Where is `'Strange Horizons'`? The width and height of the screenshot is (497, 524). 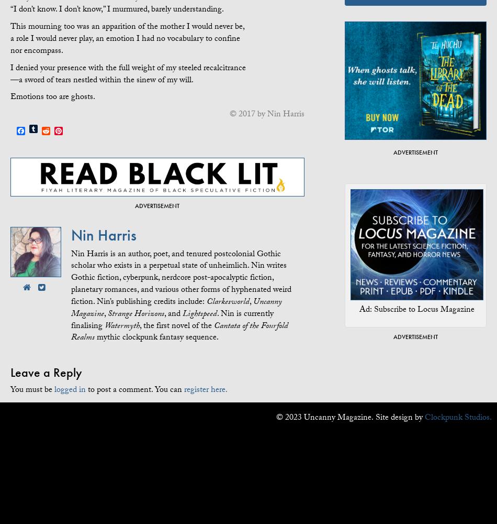
'Strange Horizons' is located at coordinates (135, 313).